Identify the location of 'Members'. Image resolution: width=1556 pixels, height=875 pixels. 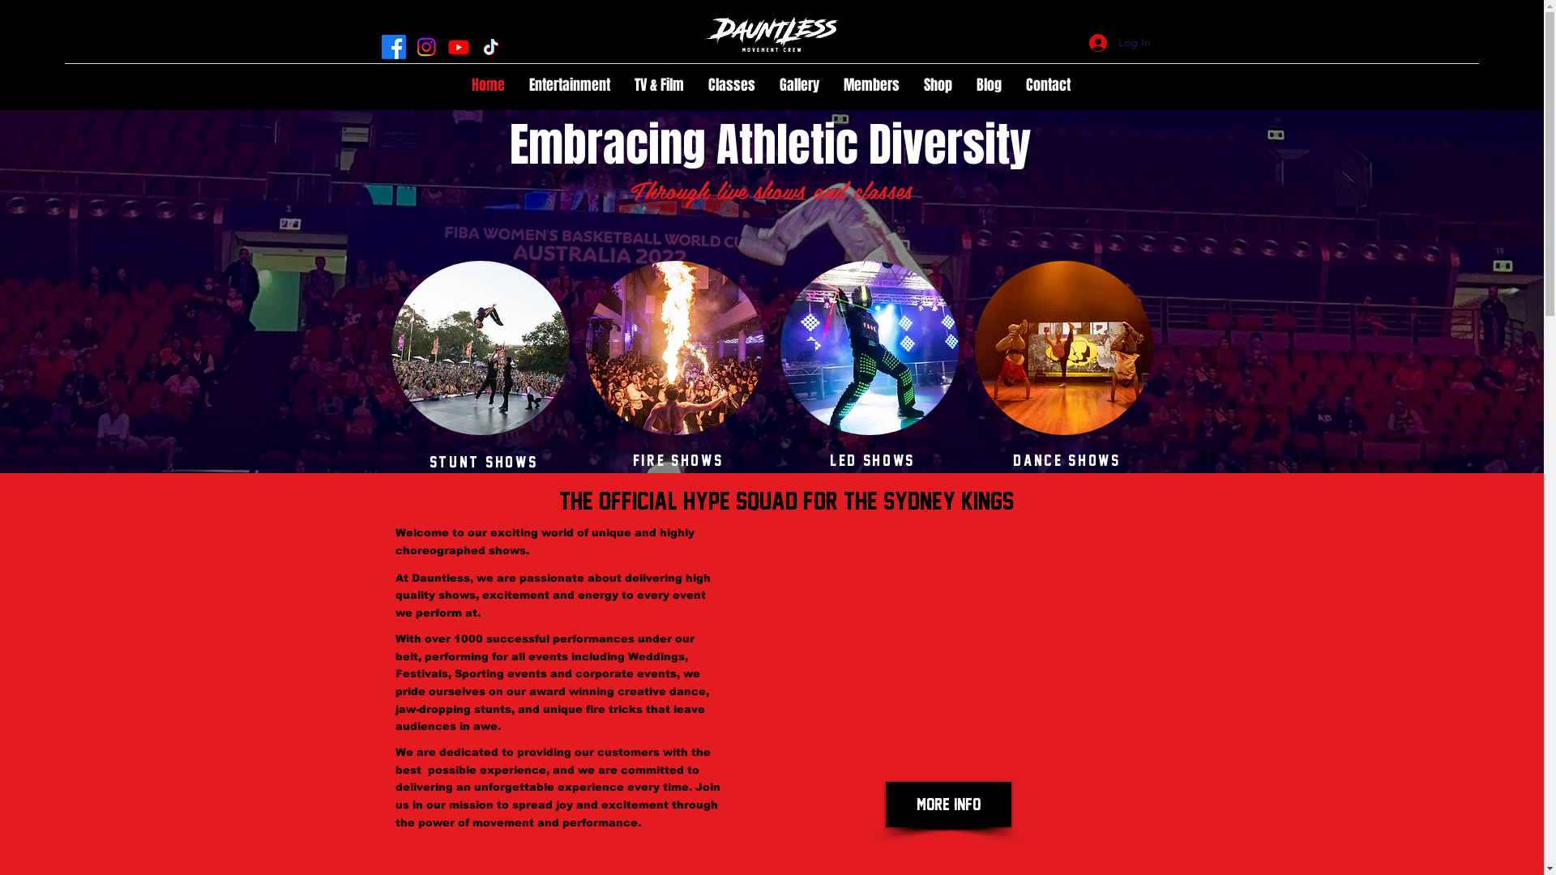
(870, 85).